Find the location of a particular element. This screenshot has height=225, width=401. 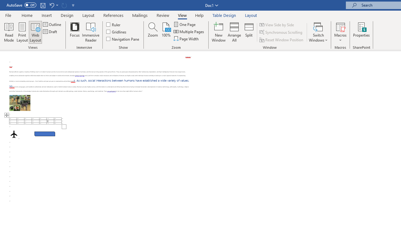

'Arrange All' is located at coordinates (234, 32).